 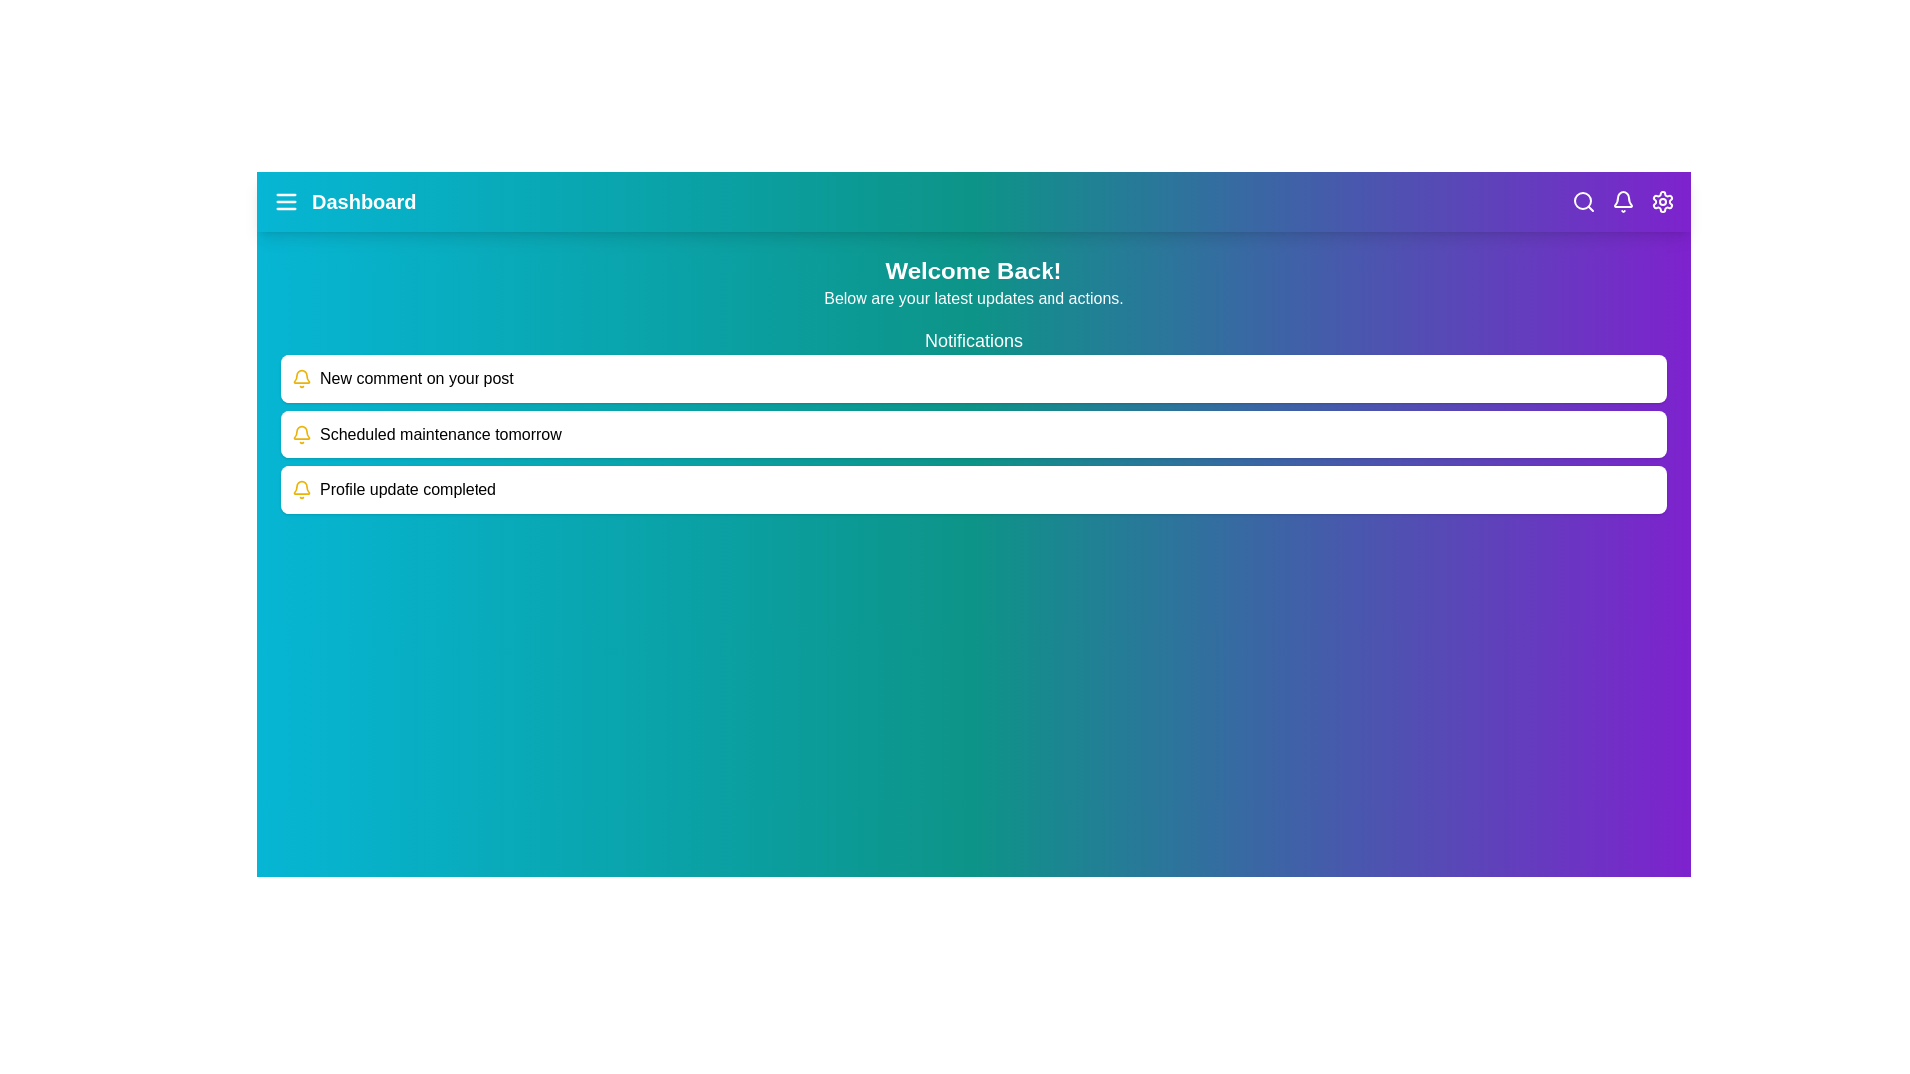 I want to click on the search icon to activate the search functionality, so click(x=1583, y=202).